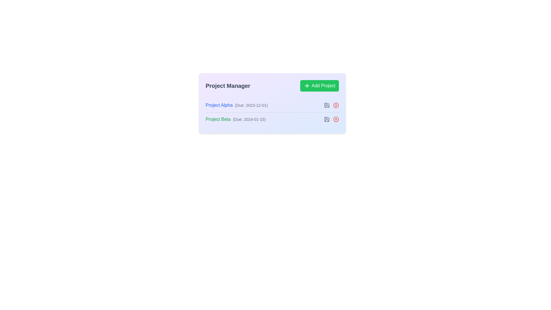 The image size is (551, 310). What do you see at coordinates (236, 119) in the screenshot?
I see `the text label displaying the project title 'Project Beta' and due date 'Due: 2024-01-15' located in the second row under the 'Project Manager' section` at bounding box center [236, 119].